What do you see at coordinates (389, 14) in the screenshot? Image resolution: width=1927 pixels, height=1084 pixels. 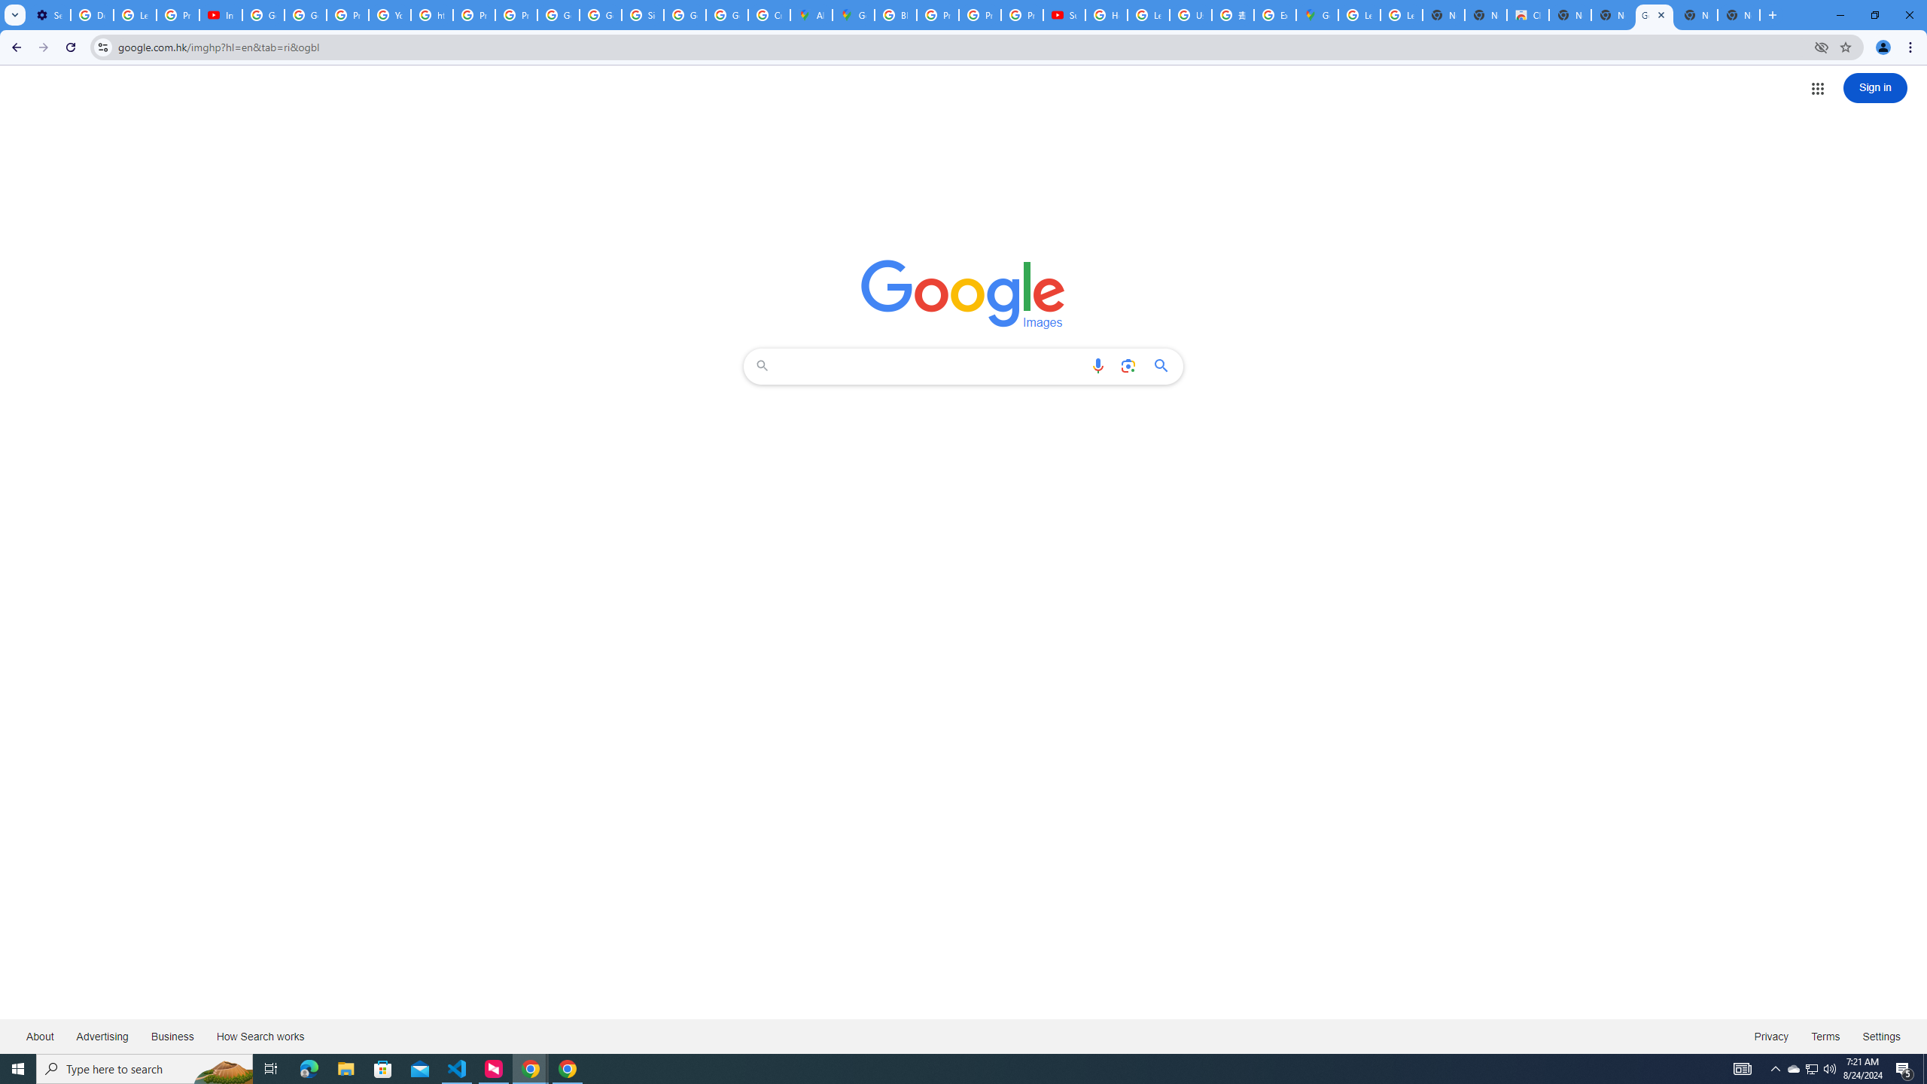 I see `'YouTube'` at bounding box center [389, 14].